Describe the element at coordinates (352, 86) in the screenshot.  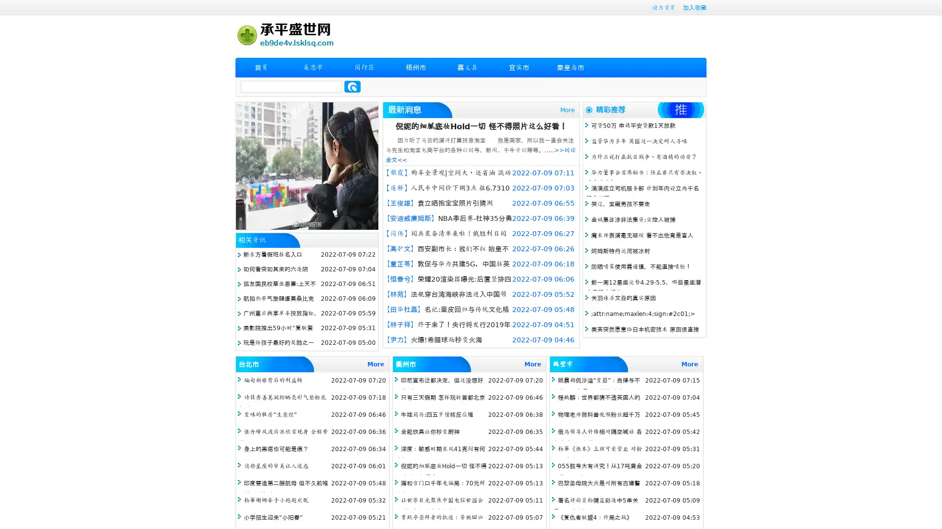
I see `Search` at that location.